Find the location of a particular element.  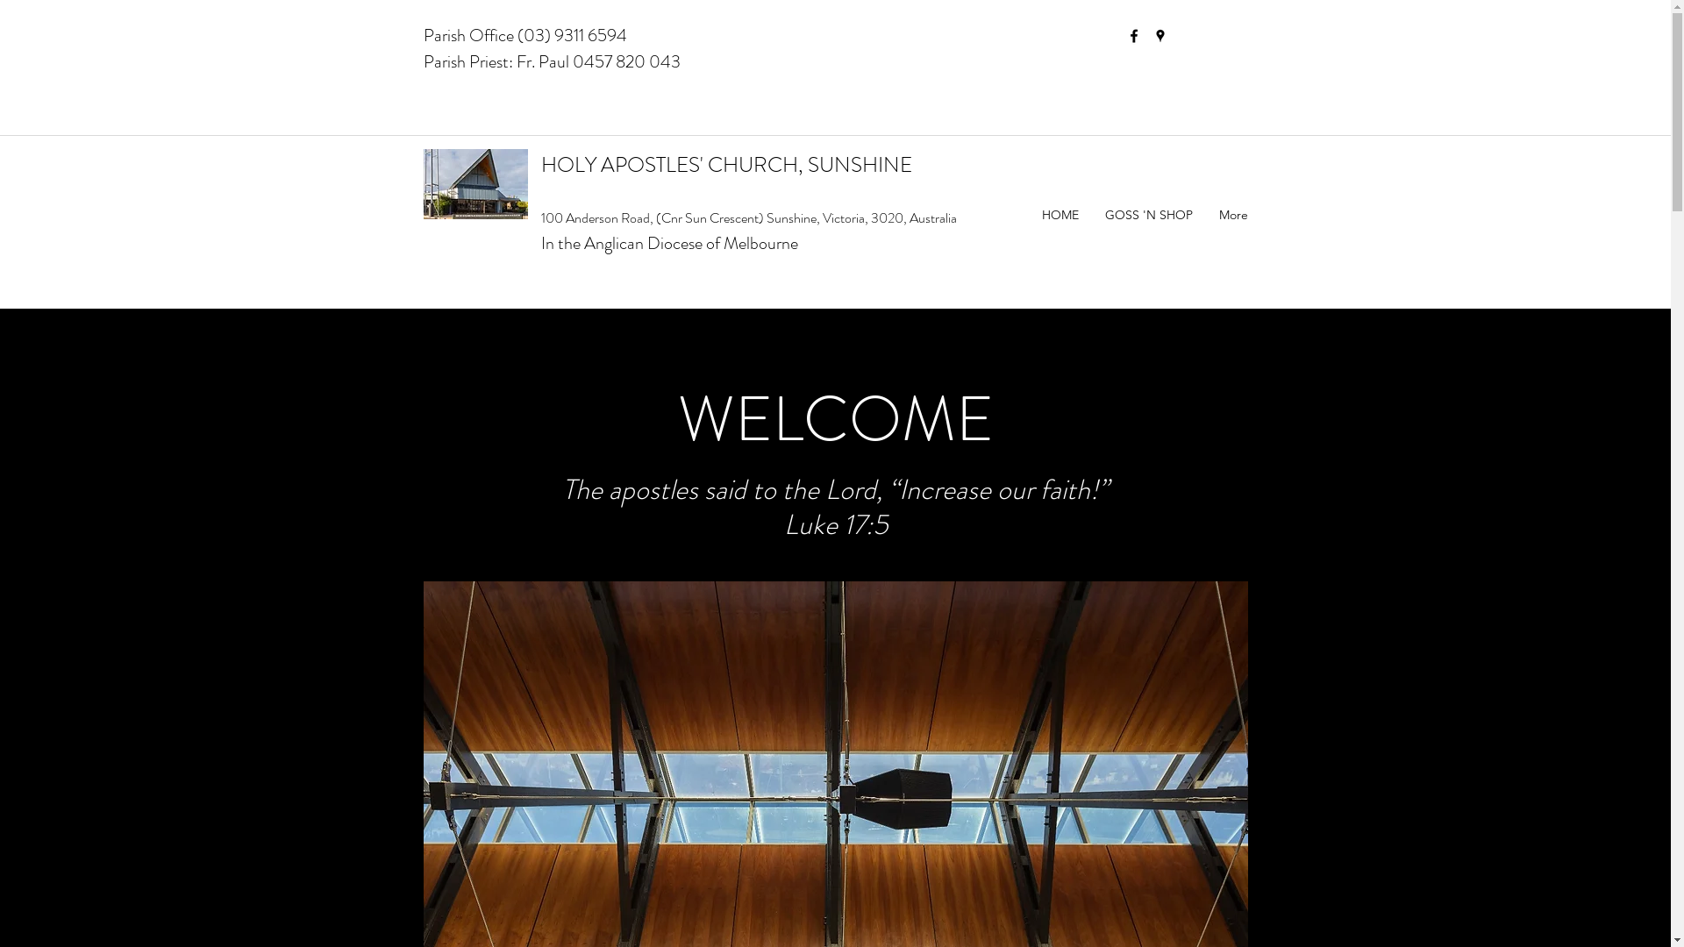

'In the Anglican Diocese of Melbourne' is located at coordinates (667, 243).